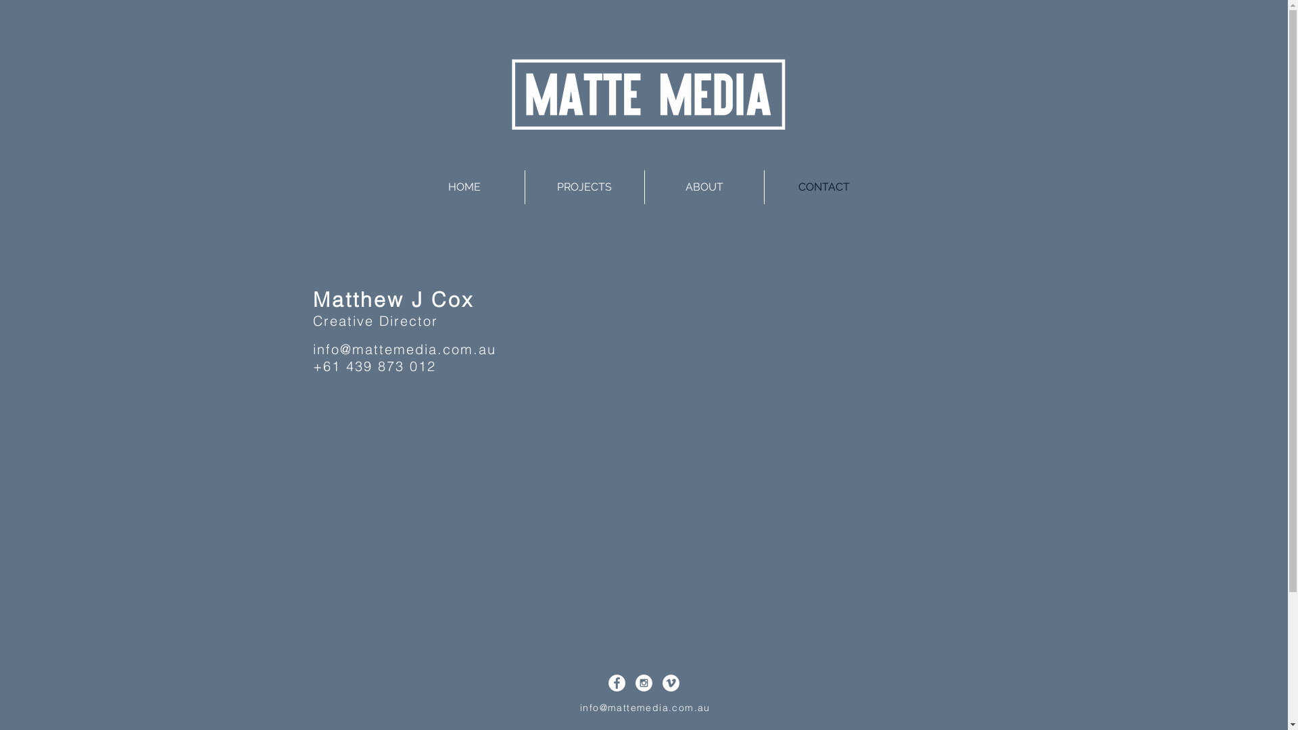 The image size is (1298, 730). I want to click on 'CONTACT', so click(823, 187).